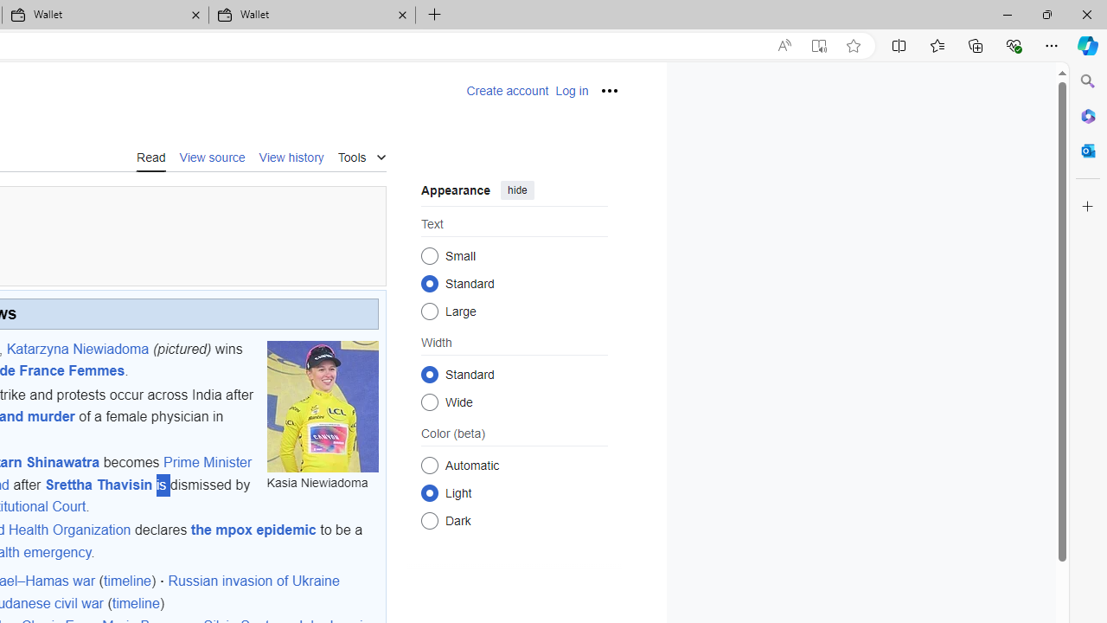 Image resolution: width=1107 pixels, height=623 pixels. Describe the element at coordinates (429, 401) in the screenshot. I see `'Wide'` at that location.